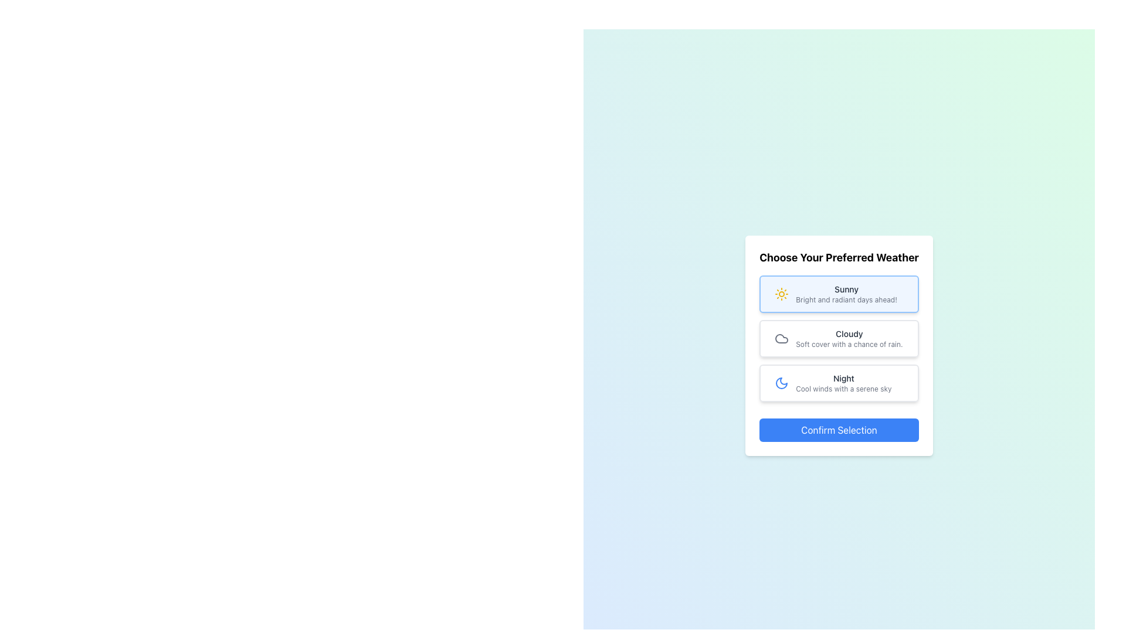  I want to click on the text element displaying 'Sunny' to trigger a tooltip or highlight, so click(846, 293).